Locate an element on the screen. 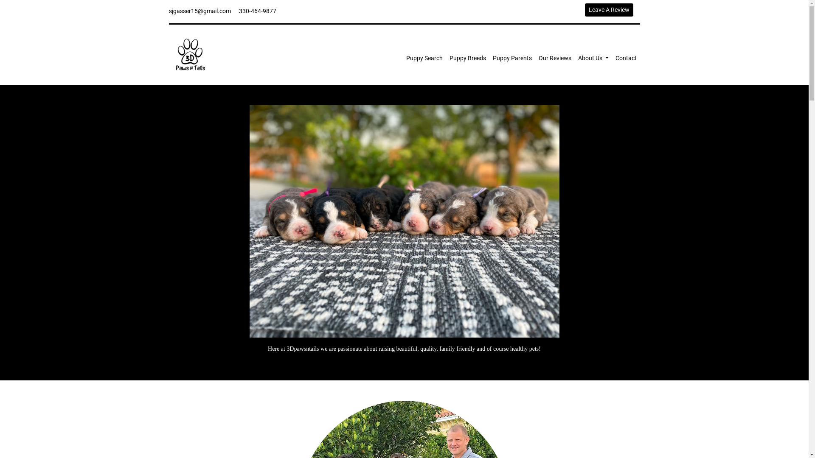 The width and height of the screenshot is (815, 458). 'Puppy Breeds' is located at coordinates (446, 57).